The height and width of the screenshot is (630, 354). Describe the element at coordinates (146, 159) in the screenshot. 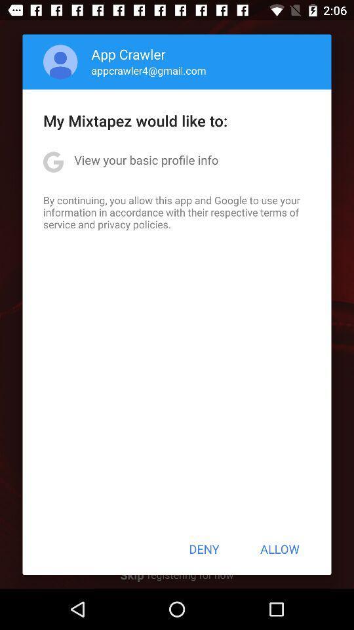

I see `the item below the my mixtapez would icon` at that location.